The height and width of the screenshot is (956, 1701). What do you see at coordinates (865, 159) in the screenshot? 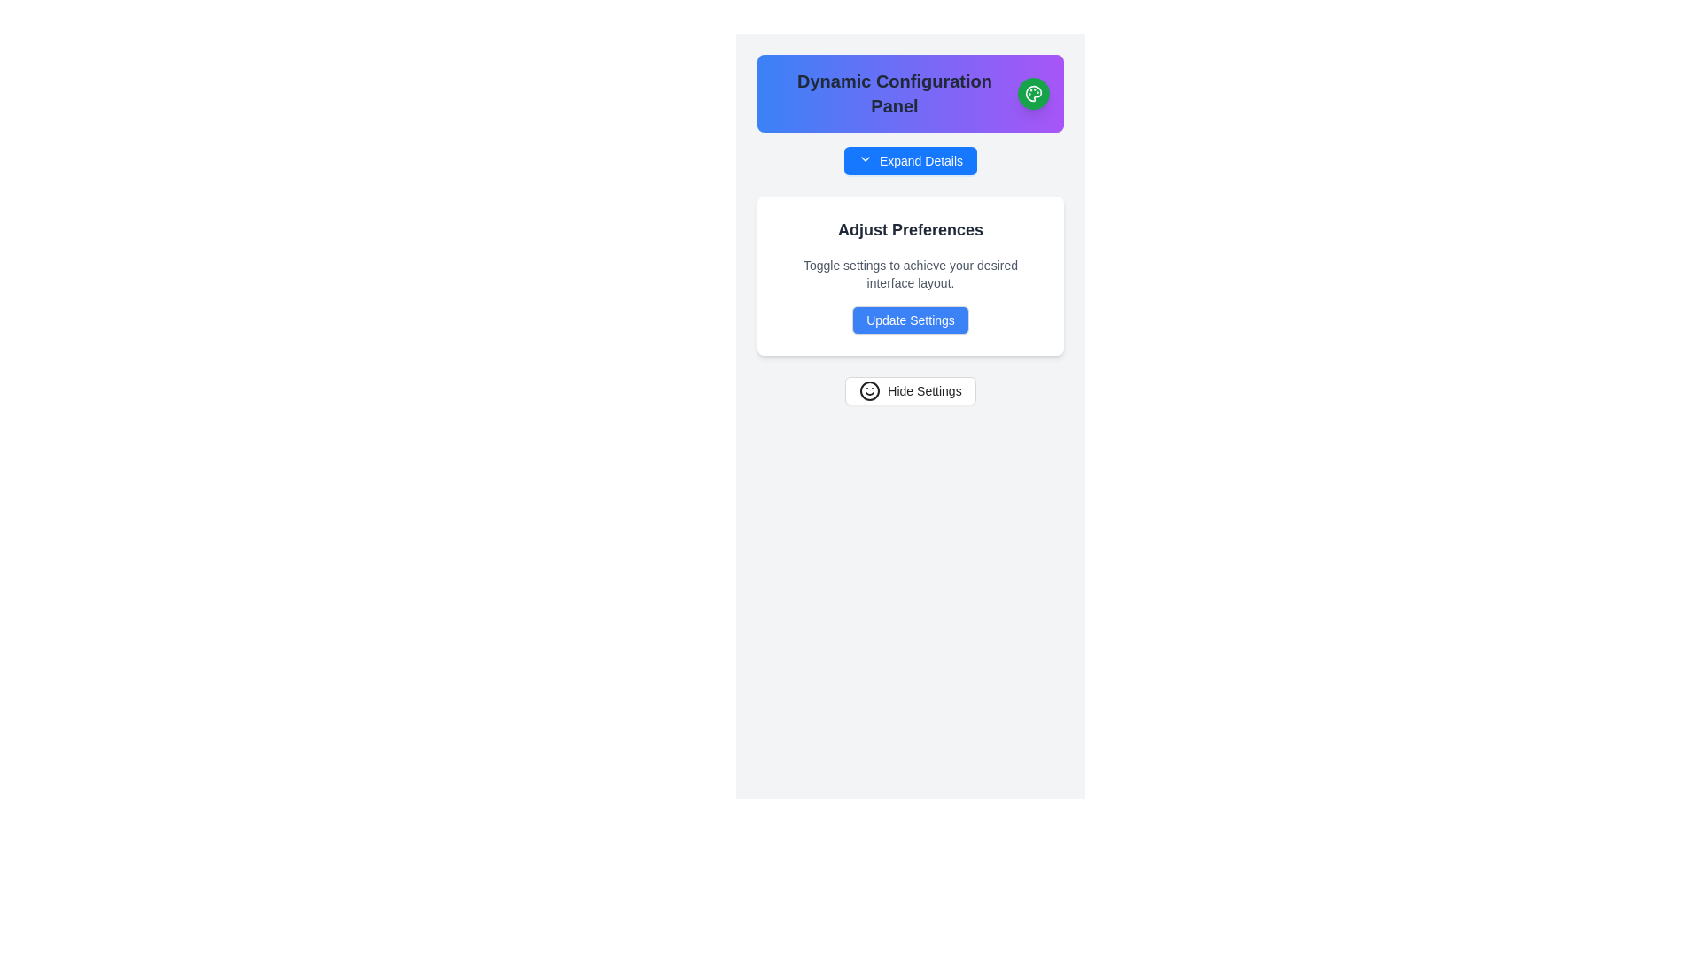
I see `the downward-facing chevron icon styled with thin lines, located inside a small button-like structure, which is positioned directly below the 'Dynamic Configuration Panel' header` at bounding box center [865, 159].